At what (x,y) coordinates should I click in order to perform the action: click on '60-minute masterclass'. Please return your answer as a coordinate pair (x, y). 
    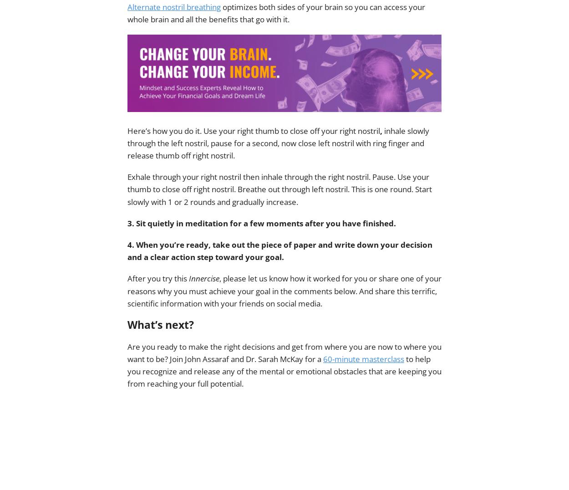
    Looking at the image, I should click on (364, 358).